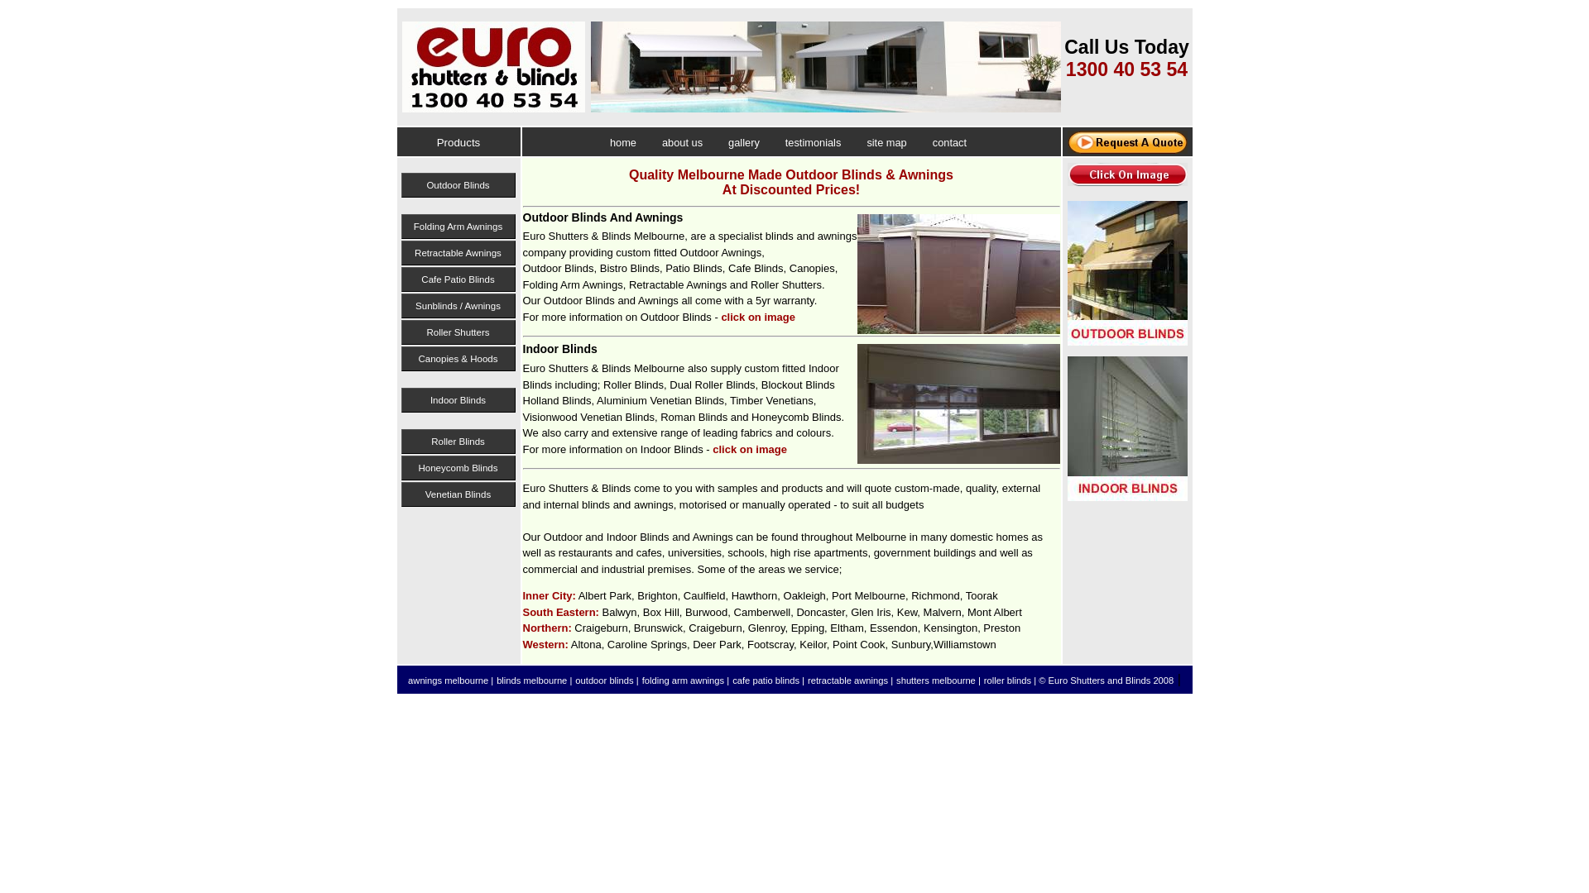 The image size is (1589, 893). What do you see at coordinates (606, 680) in the screenshot?
I see `'outdoor blinds |'` at bounding box center [606, 680].